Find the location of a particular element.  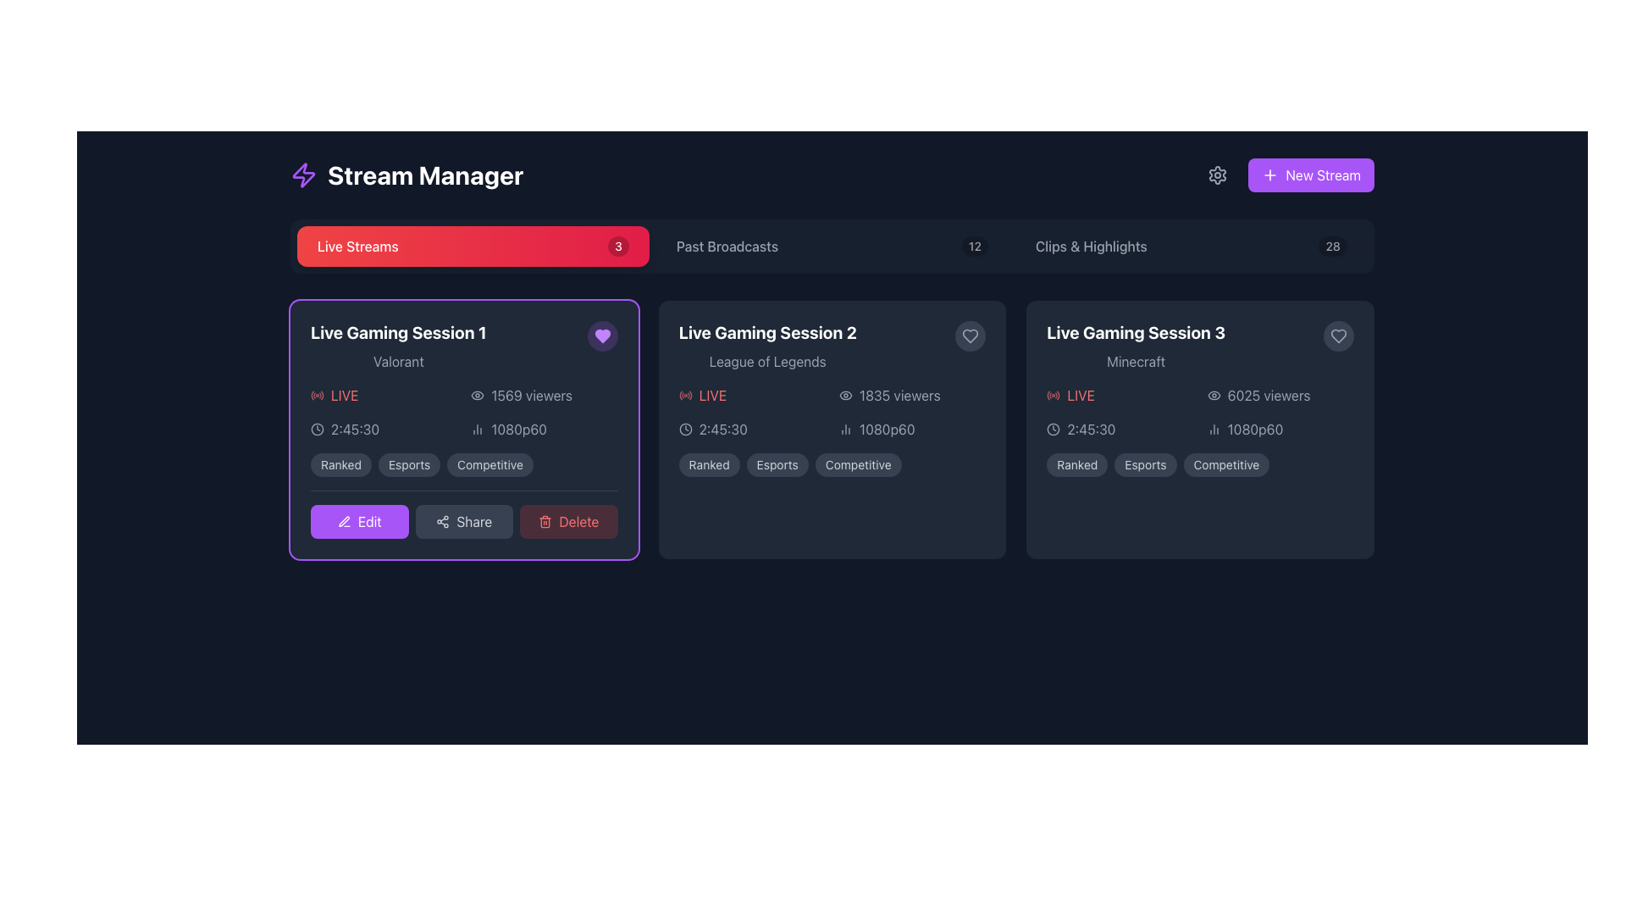

text label indicating the video quality of the live stream, located at the bottom right section of the 'Live Gaming Session 2' card, below the '1835 viewers' text is located at coordinates (886, 428).